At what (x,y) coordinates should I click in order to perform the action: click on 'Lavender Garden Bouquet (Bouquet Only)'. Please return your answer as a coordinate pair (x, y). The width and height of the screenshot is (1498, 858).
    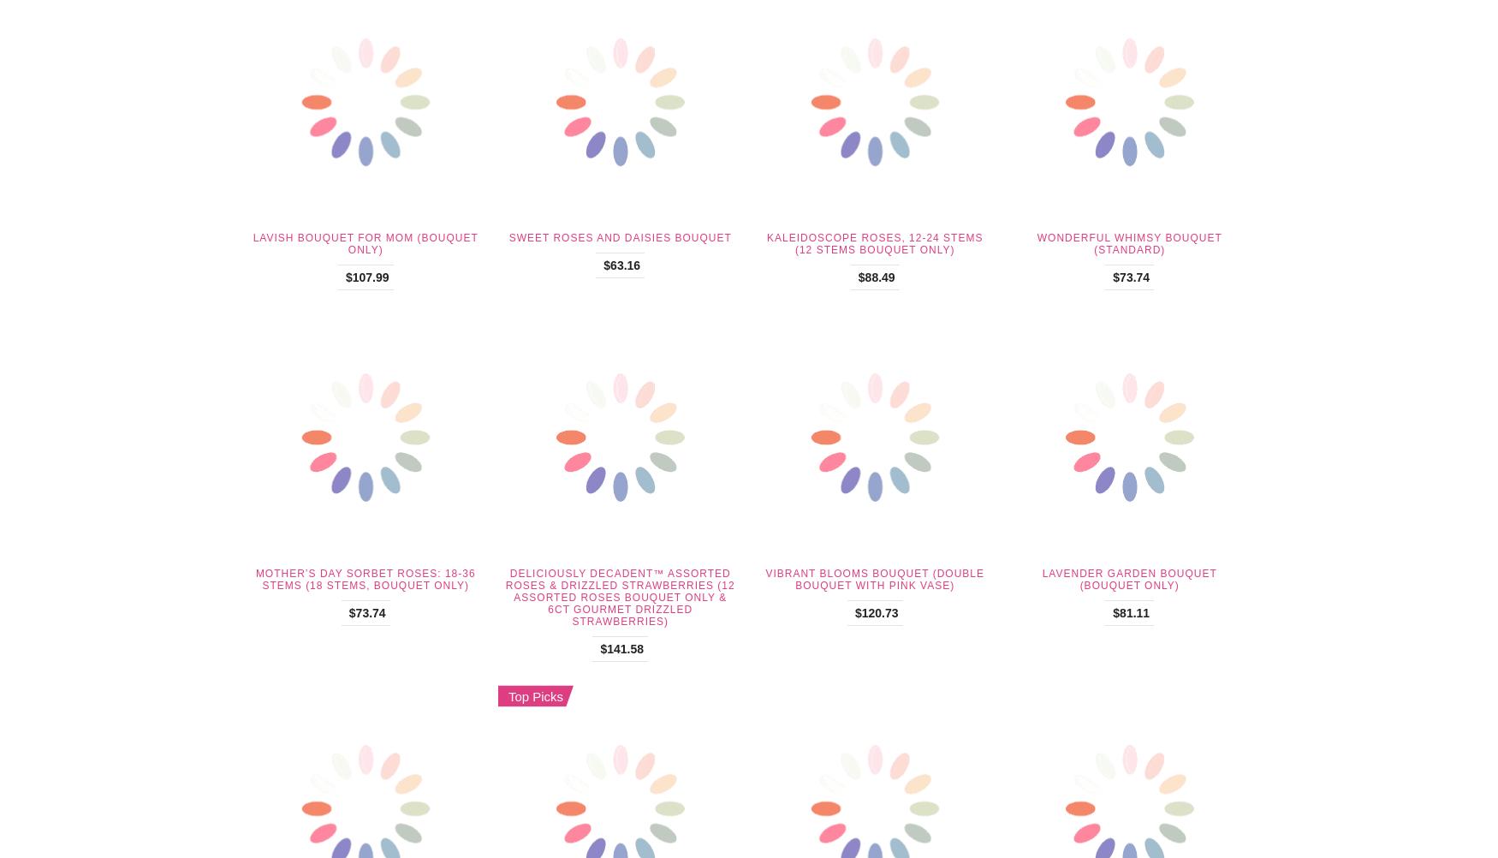
    Looking at the image, I should click on (1041, 579).